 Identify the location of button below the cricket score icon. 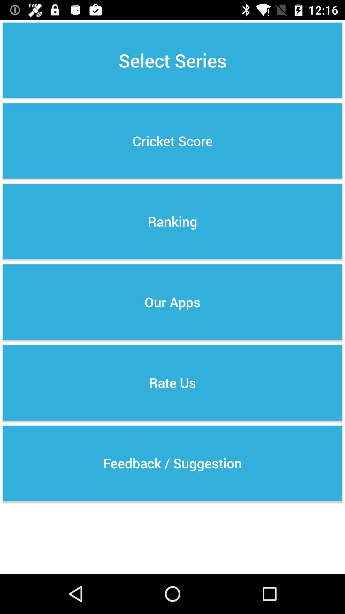
(172, 221).